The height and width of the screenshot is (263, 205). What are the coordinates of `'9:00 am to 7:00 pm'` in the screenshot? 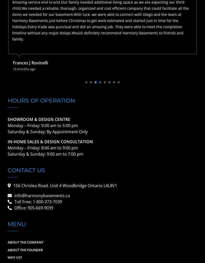 It's located at (65, 154).